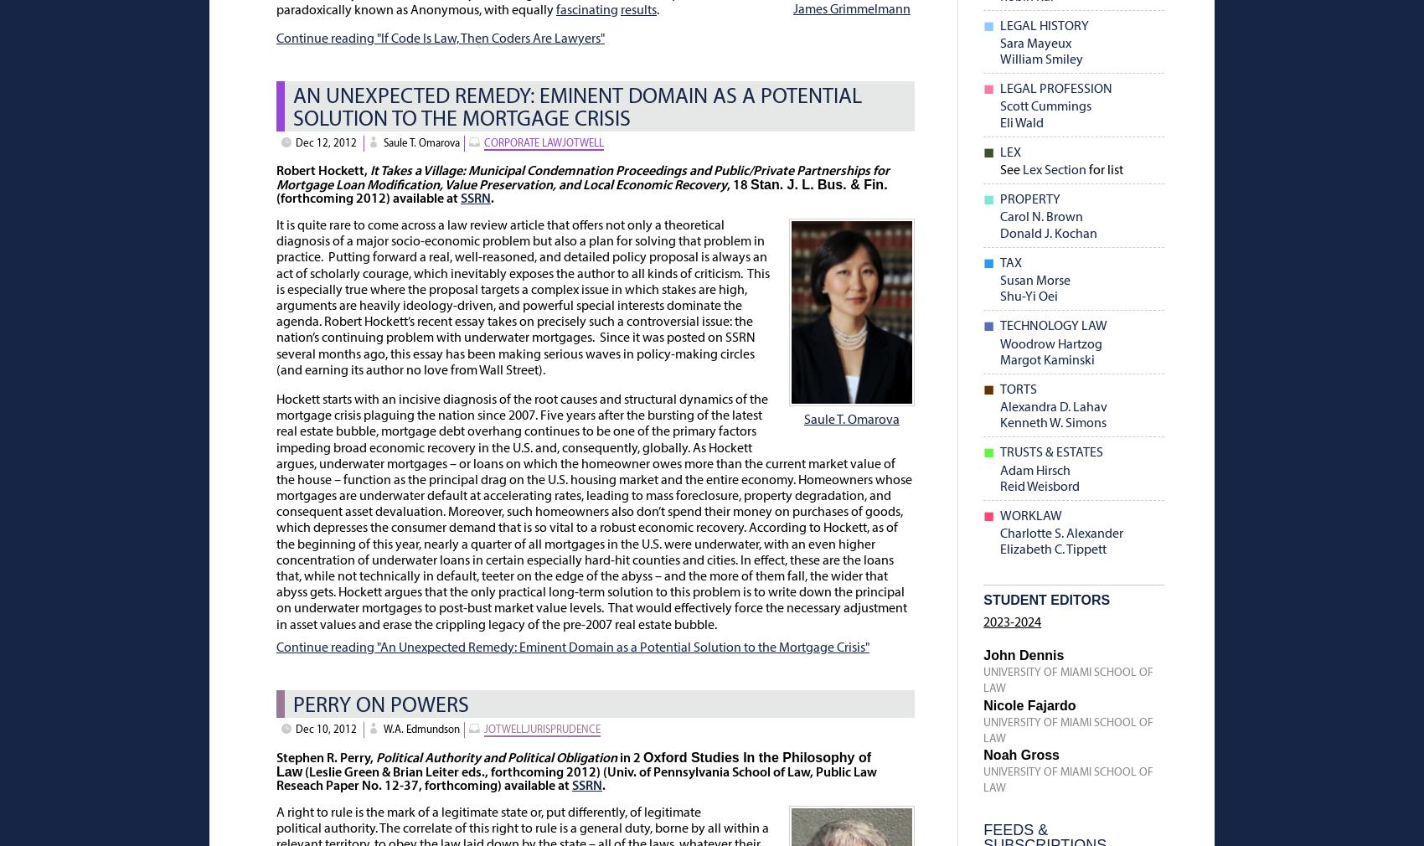 The height and width of the screenshot is (846, 1424). What do you see at coordinates (1045, 598) in the screenshot?
I see `'Student Editors'` at bounding box center [1045, 598].